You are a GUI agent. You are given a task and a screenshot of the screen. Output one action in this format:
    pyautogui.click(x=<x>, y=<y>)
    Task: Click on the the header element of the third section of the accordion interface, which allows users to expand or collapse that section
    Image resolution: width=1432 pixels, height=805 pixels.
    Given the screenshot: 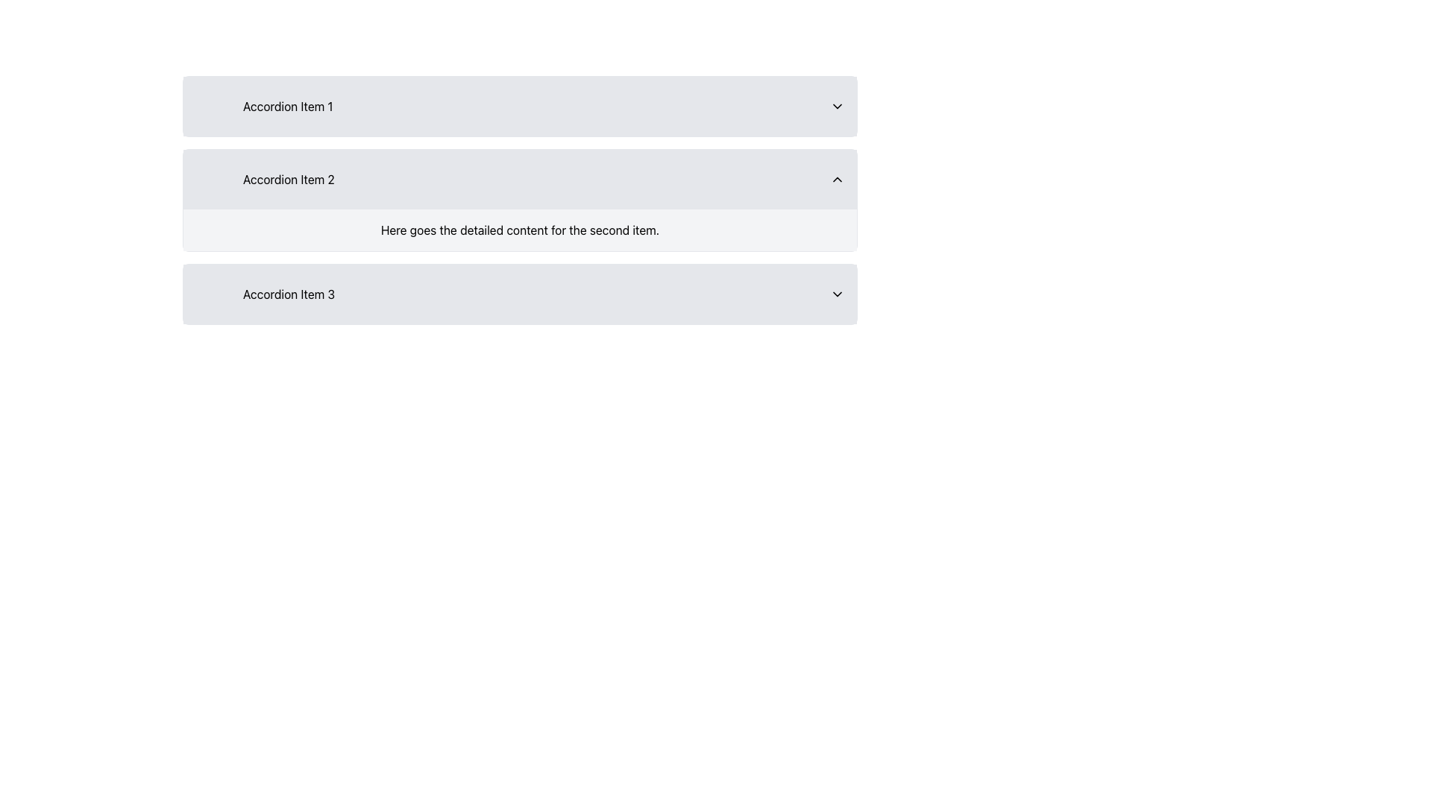 What is the action you would take?
    pyautogui.click(x=289, y=294)
    